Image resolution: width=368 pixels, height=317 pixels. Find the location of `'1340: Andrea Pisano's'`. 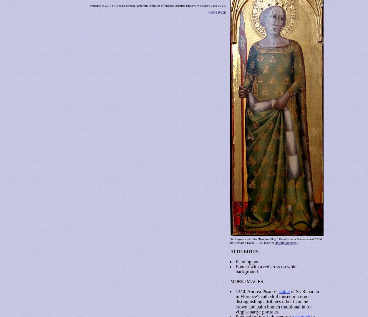

'1340: Andrea Pisano's' is located at coordinates (257, 291).